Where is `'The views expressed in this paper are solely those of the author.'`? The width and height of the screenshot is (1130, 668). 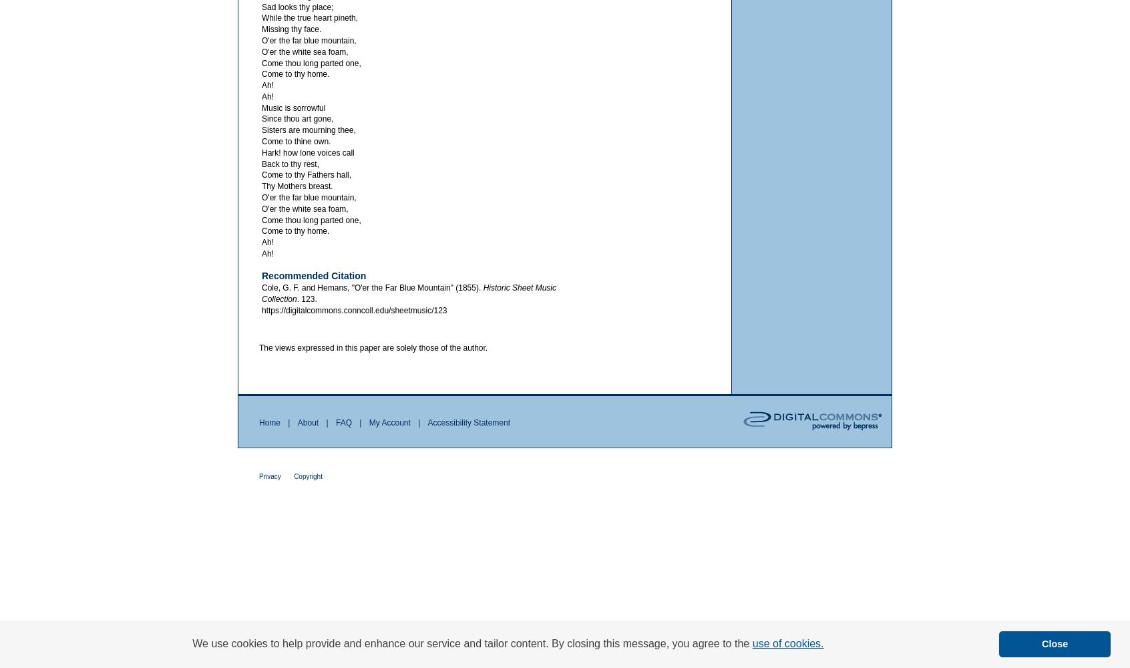
'The views expressed in this paper are solely those of the author.' is located at coordinates (373, 347).